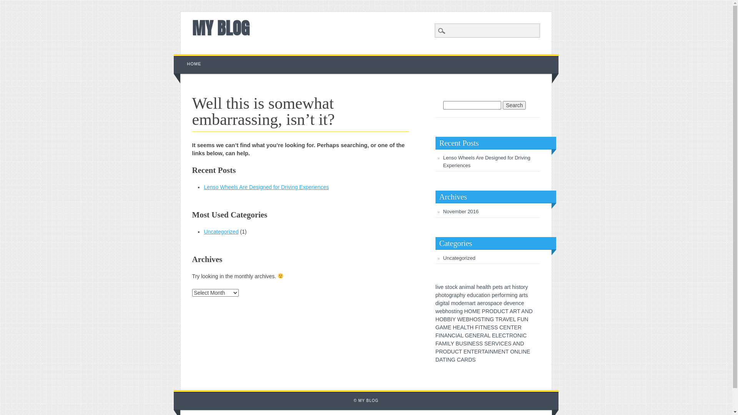  What do you see at coordinates (440, 343) in the screenshot?
I see `'A'` at bounding box center [440, 343].